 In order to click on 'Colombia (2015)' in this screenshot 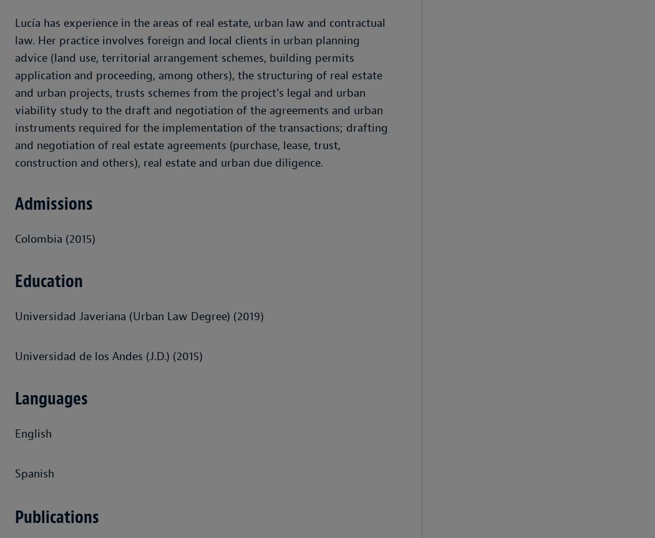, I will do `click(55, 238)`.